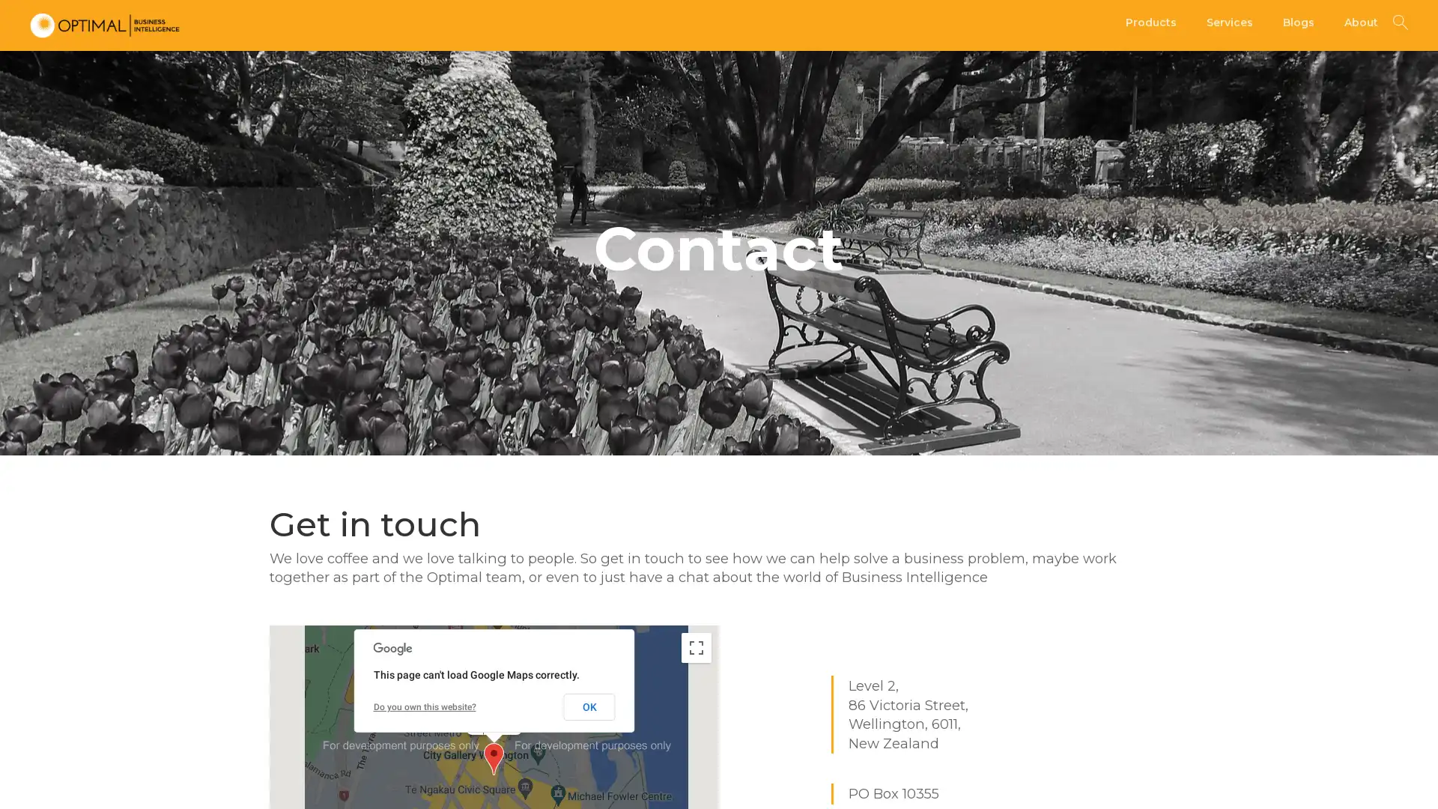  Describe the element at coordinates (494, 758) in the screenshot. I see `Map pin showing location of OptimalHQ` at that location.